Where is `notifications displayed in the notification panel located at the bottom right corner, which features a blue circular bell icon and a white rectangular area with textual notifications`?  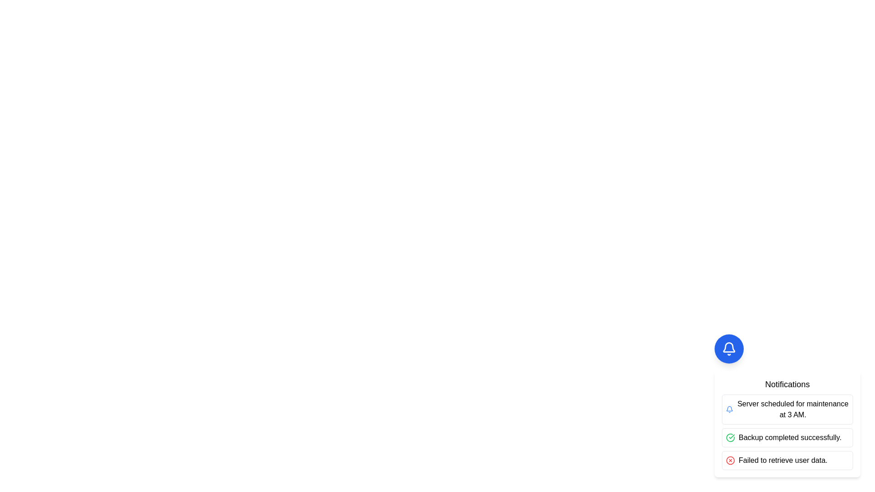 notifications displayed in the notification panel located at the bottom right corner, which features a blue circular bell icon and a white rectangular area with textual notifications is located at coordinates (787, 405).